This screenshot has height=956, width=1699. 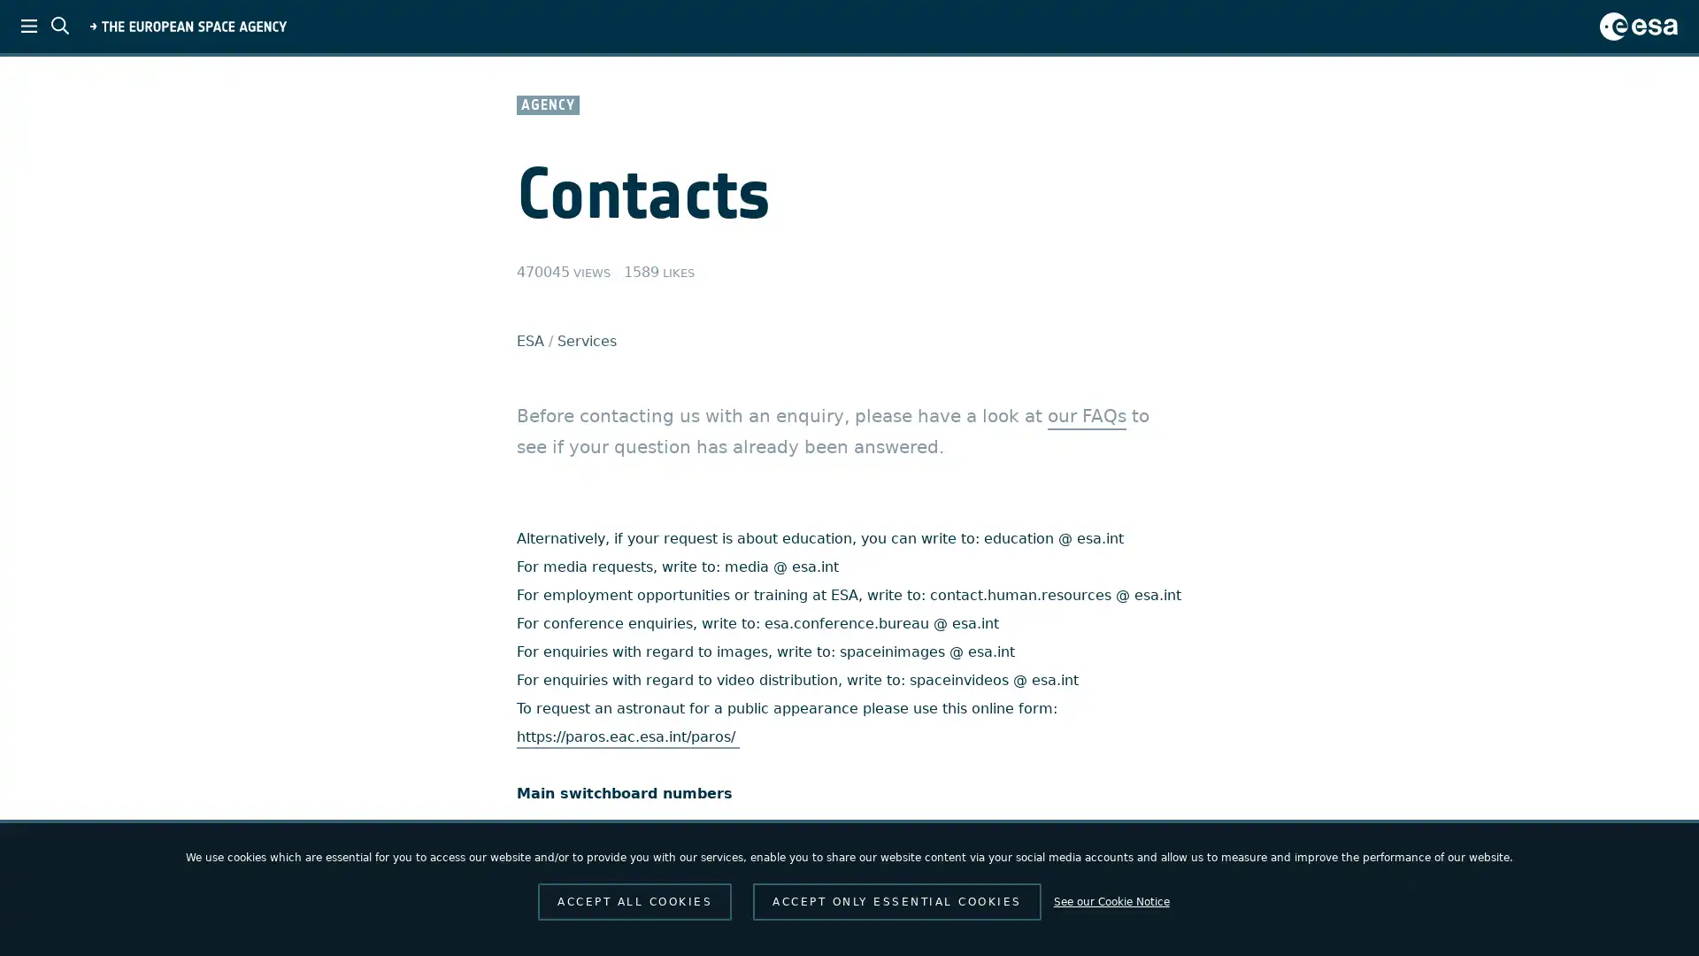 I want to click on ESA menu toggle, so click(x=29, y=27).